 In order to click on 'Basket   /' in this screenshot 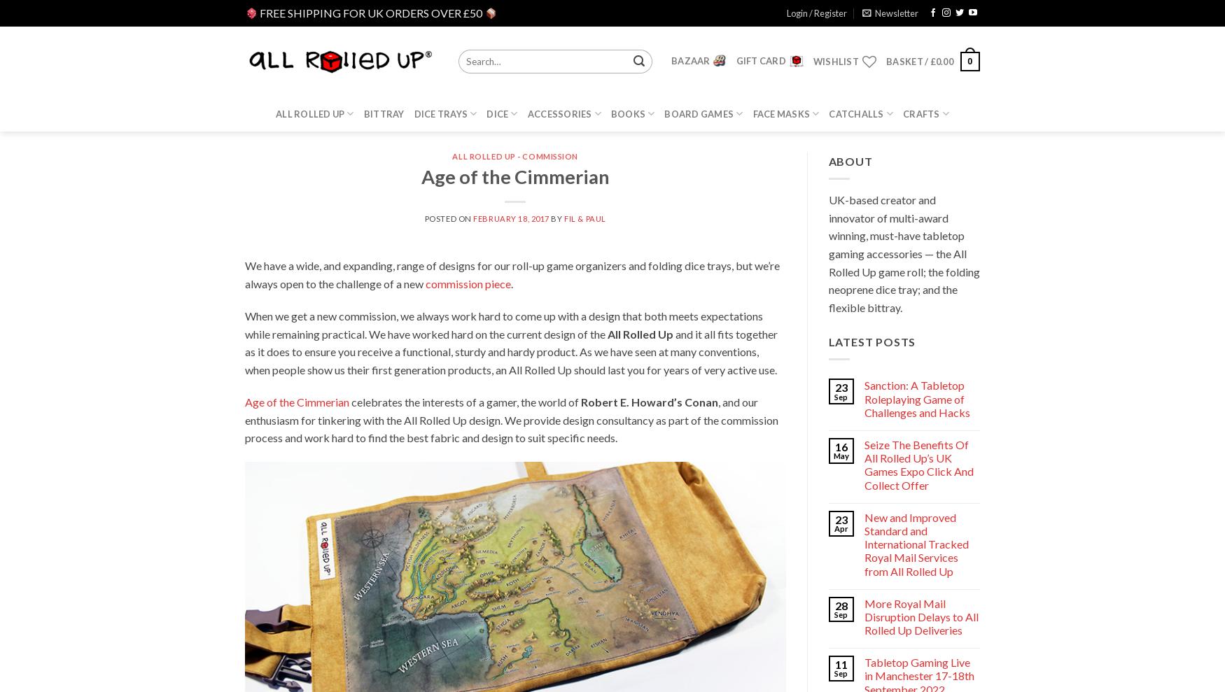, I will do `click(906, 62)`.